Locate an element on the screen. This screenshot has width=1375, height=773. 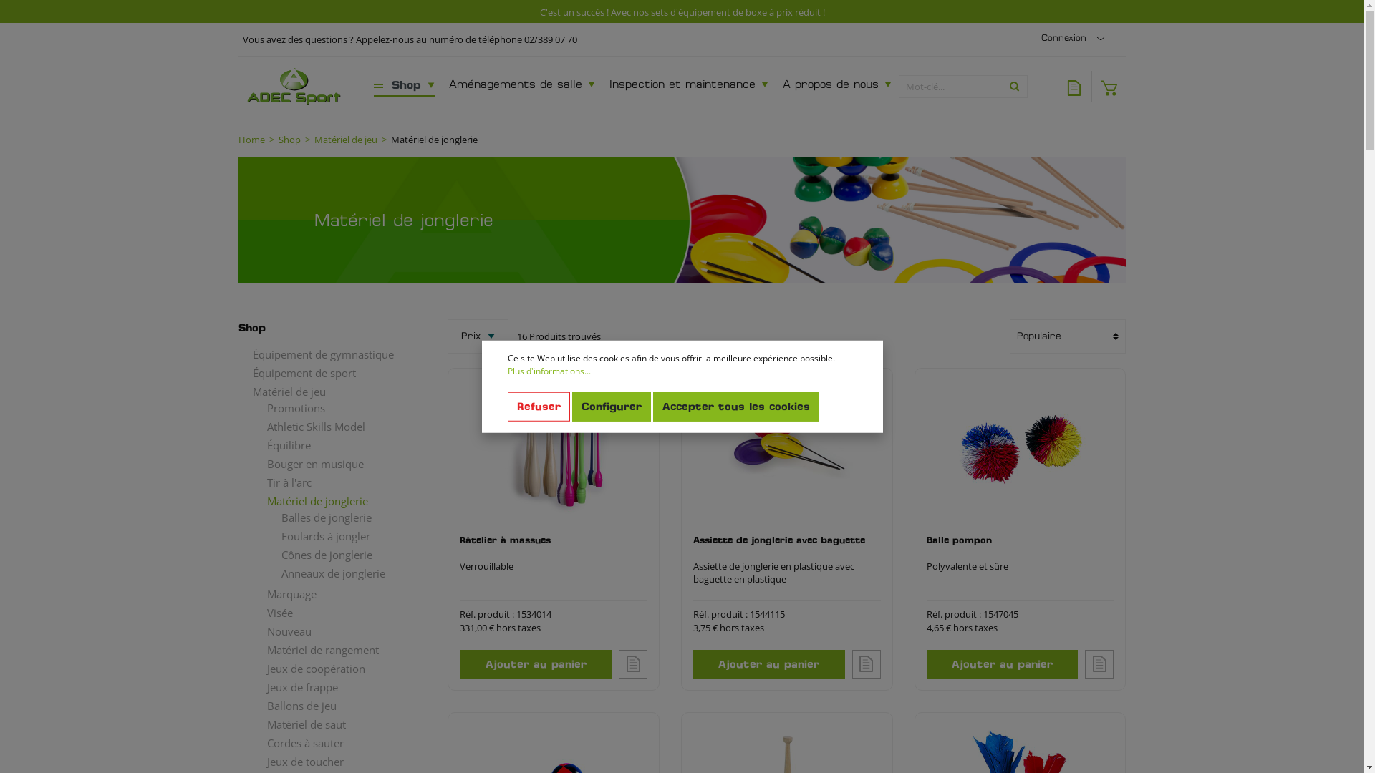
'Inspection et maintenance' is located at coordinates (688, 86).